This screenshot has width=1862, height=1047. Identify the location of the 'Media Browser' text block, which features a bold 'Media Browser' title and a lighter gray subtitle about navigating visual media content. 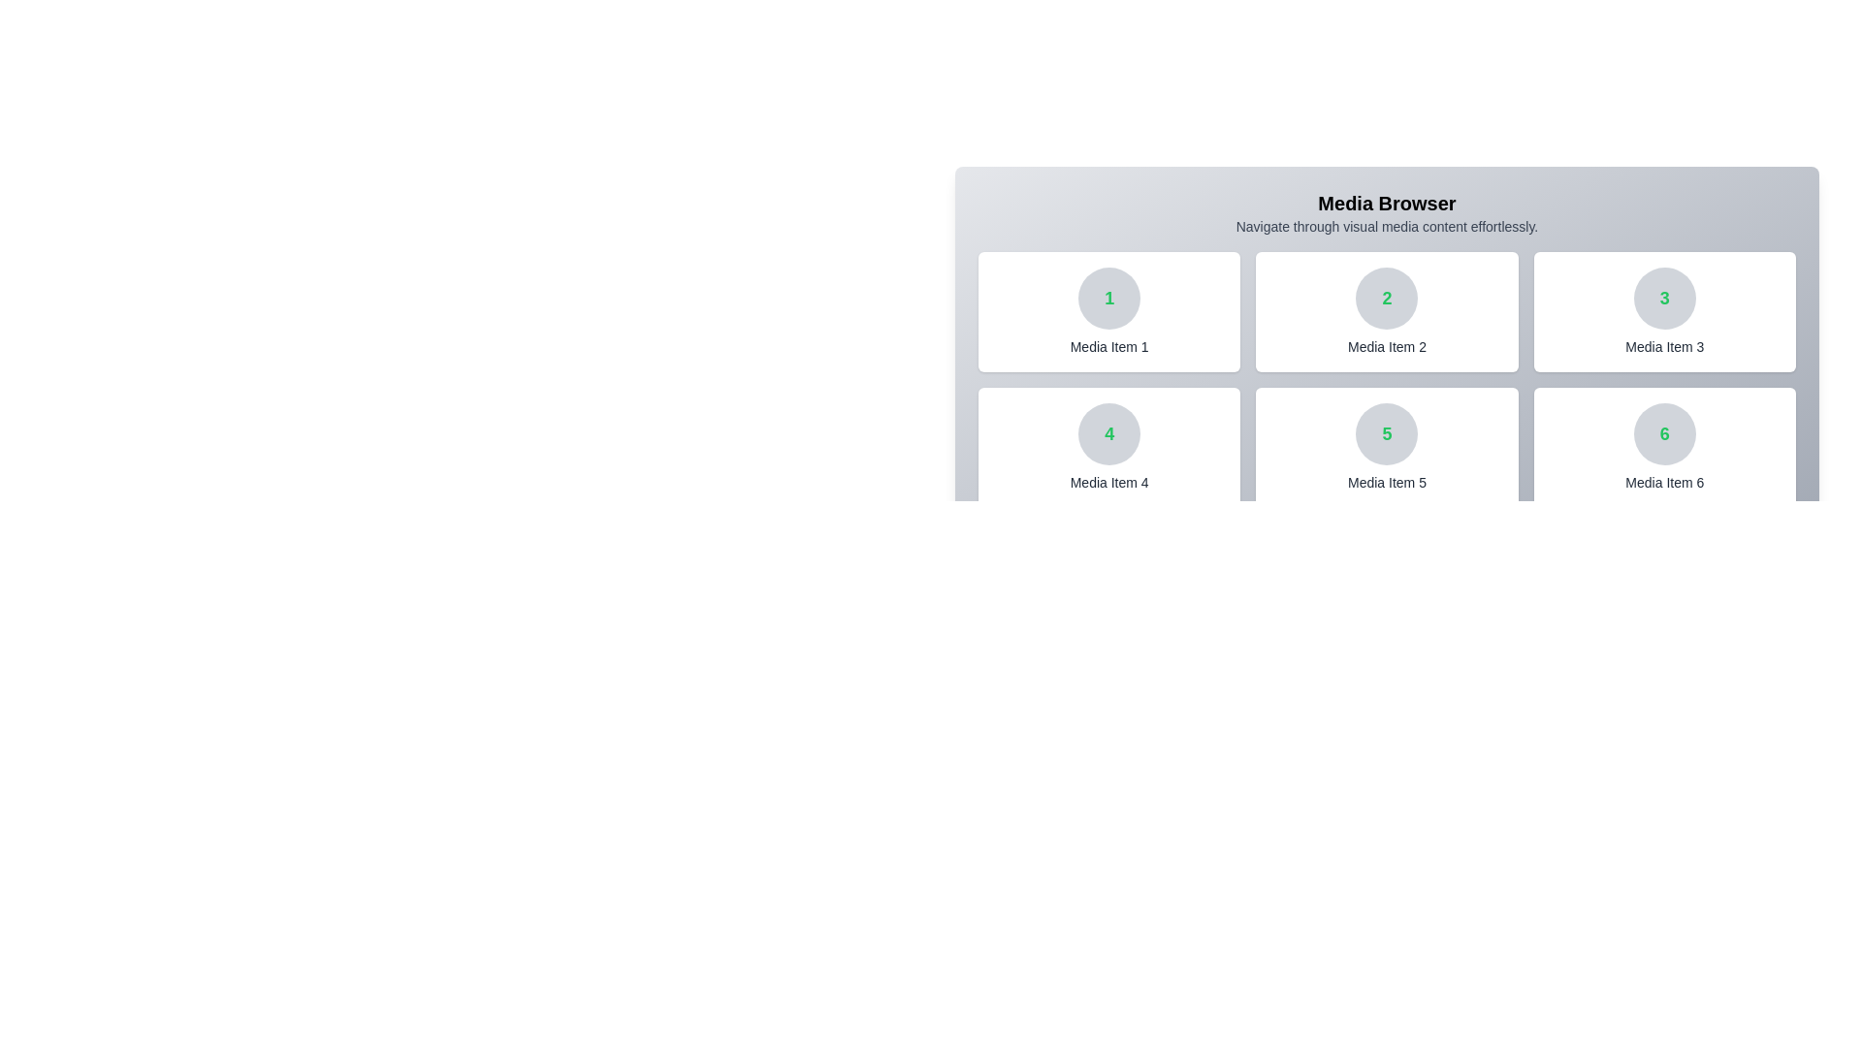
(1386, 212).